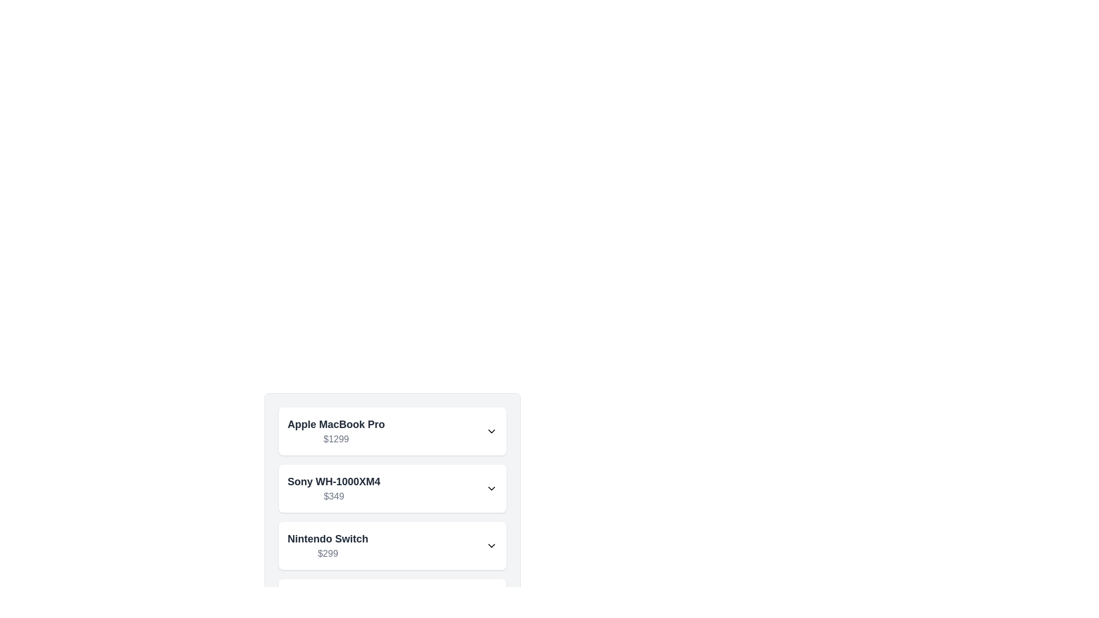 This screenshot has height=618, width=1099. Describe the element at coordinates (327, 553) in the screenshot. I see `the price text label displaying '$299', which is located beneath the 'Nintendo Switch' product title in the product listing interface` at that location.